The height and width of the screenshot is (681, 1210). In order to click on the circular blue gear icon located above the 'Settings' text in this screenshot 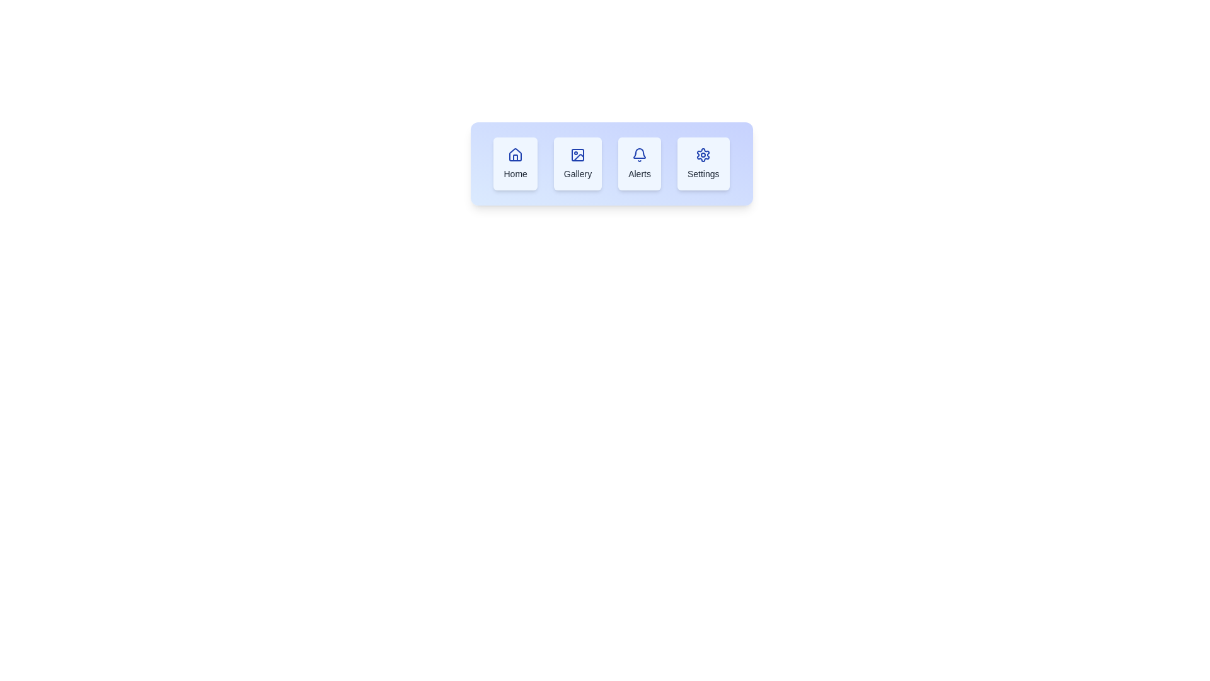, I will do `click(703, 154)`.